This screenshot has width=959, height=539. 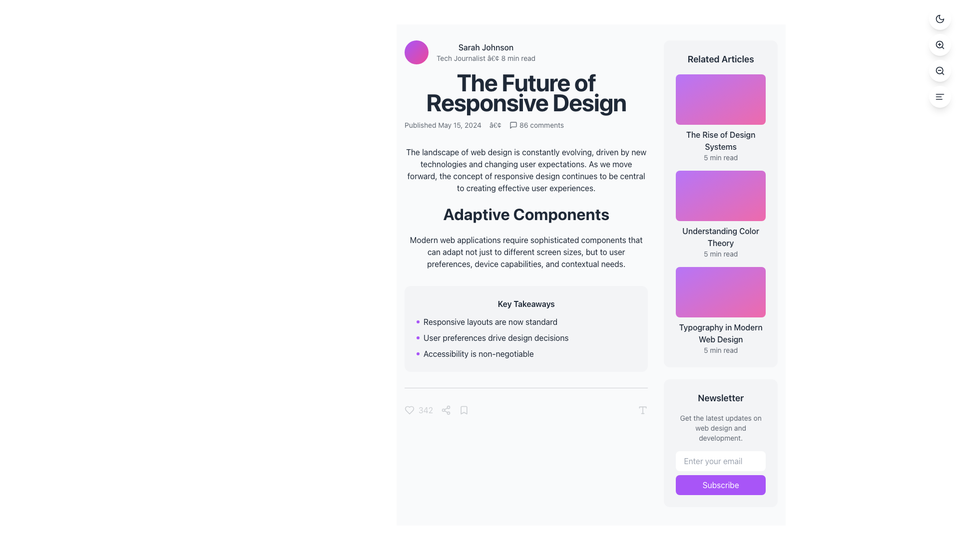 I want to click on the heart-shaped icon to like or favorite the item, which is part of a control panel below the key takeaways box, so click(x=410, y=410).